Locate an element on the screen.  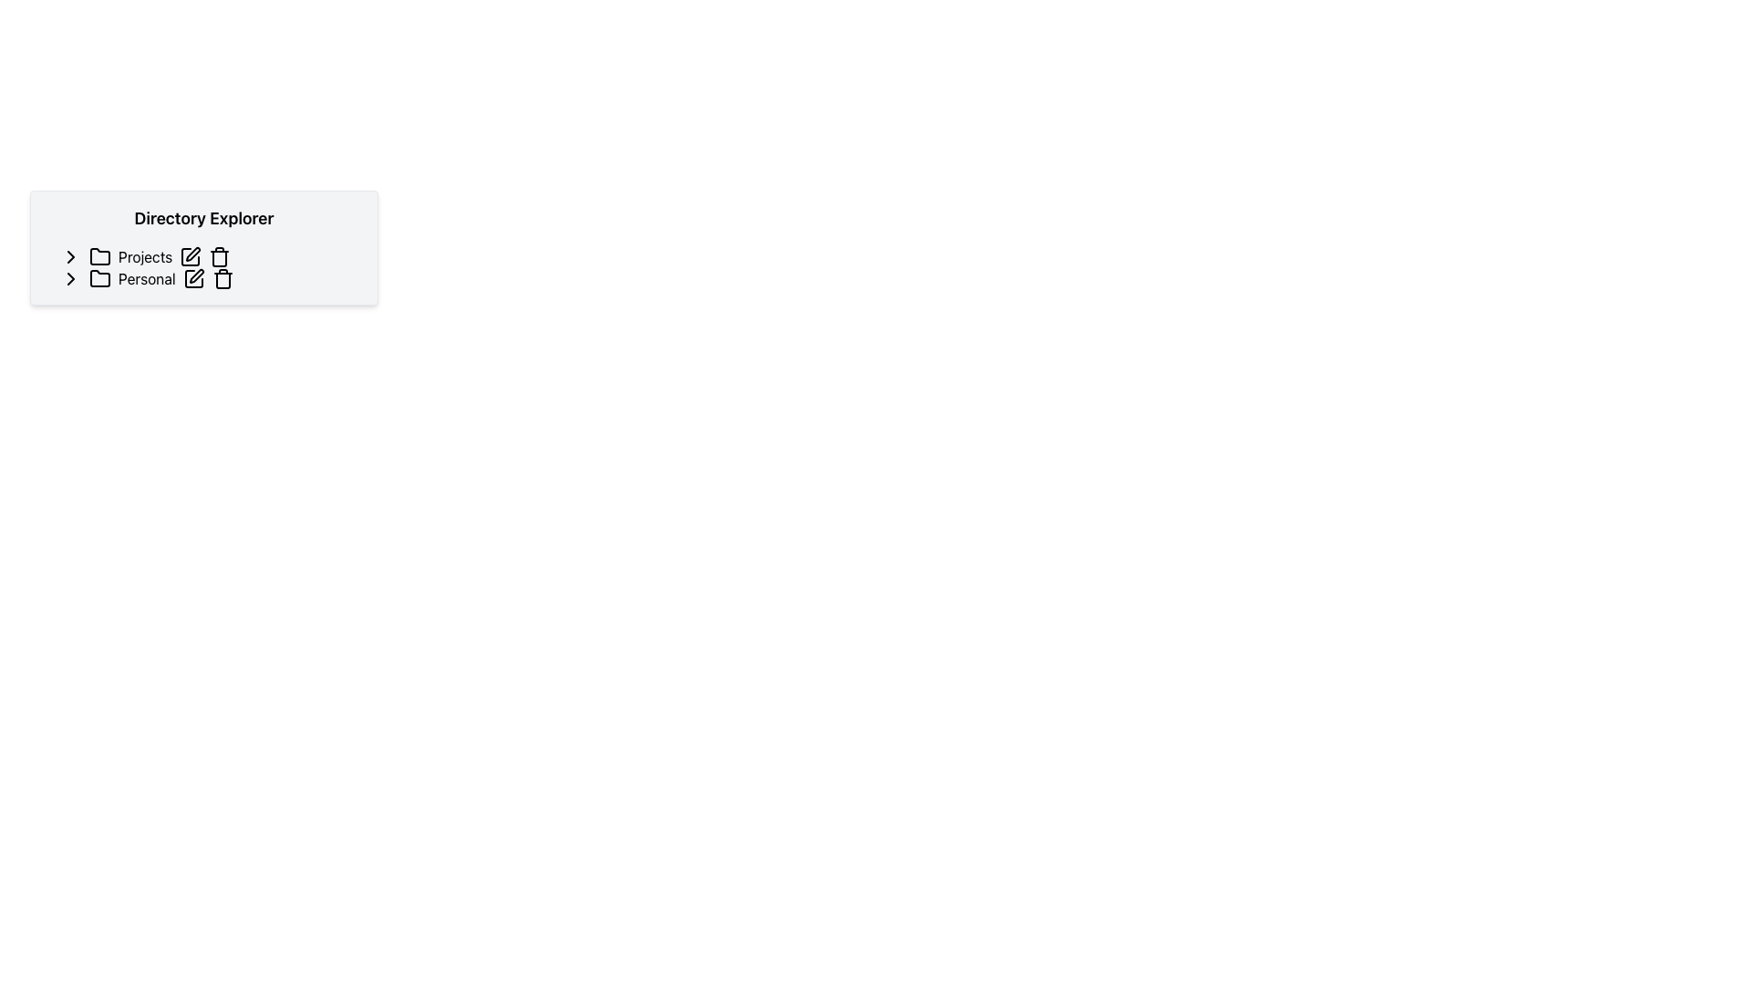
the right-pointing arrow icon at the beginning of the 'Projects' row in the directory explorer is located at coordinates (70, 256).